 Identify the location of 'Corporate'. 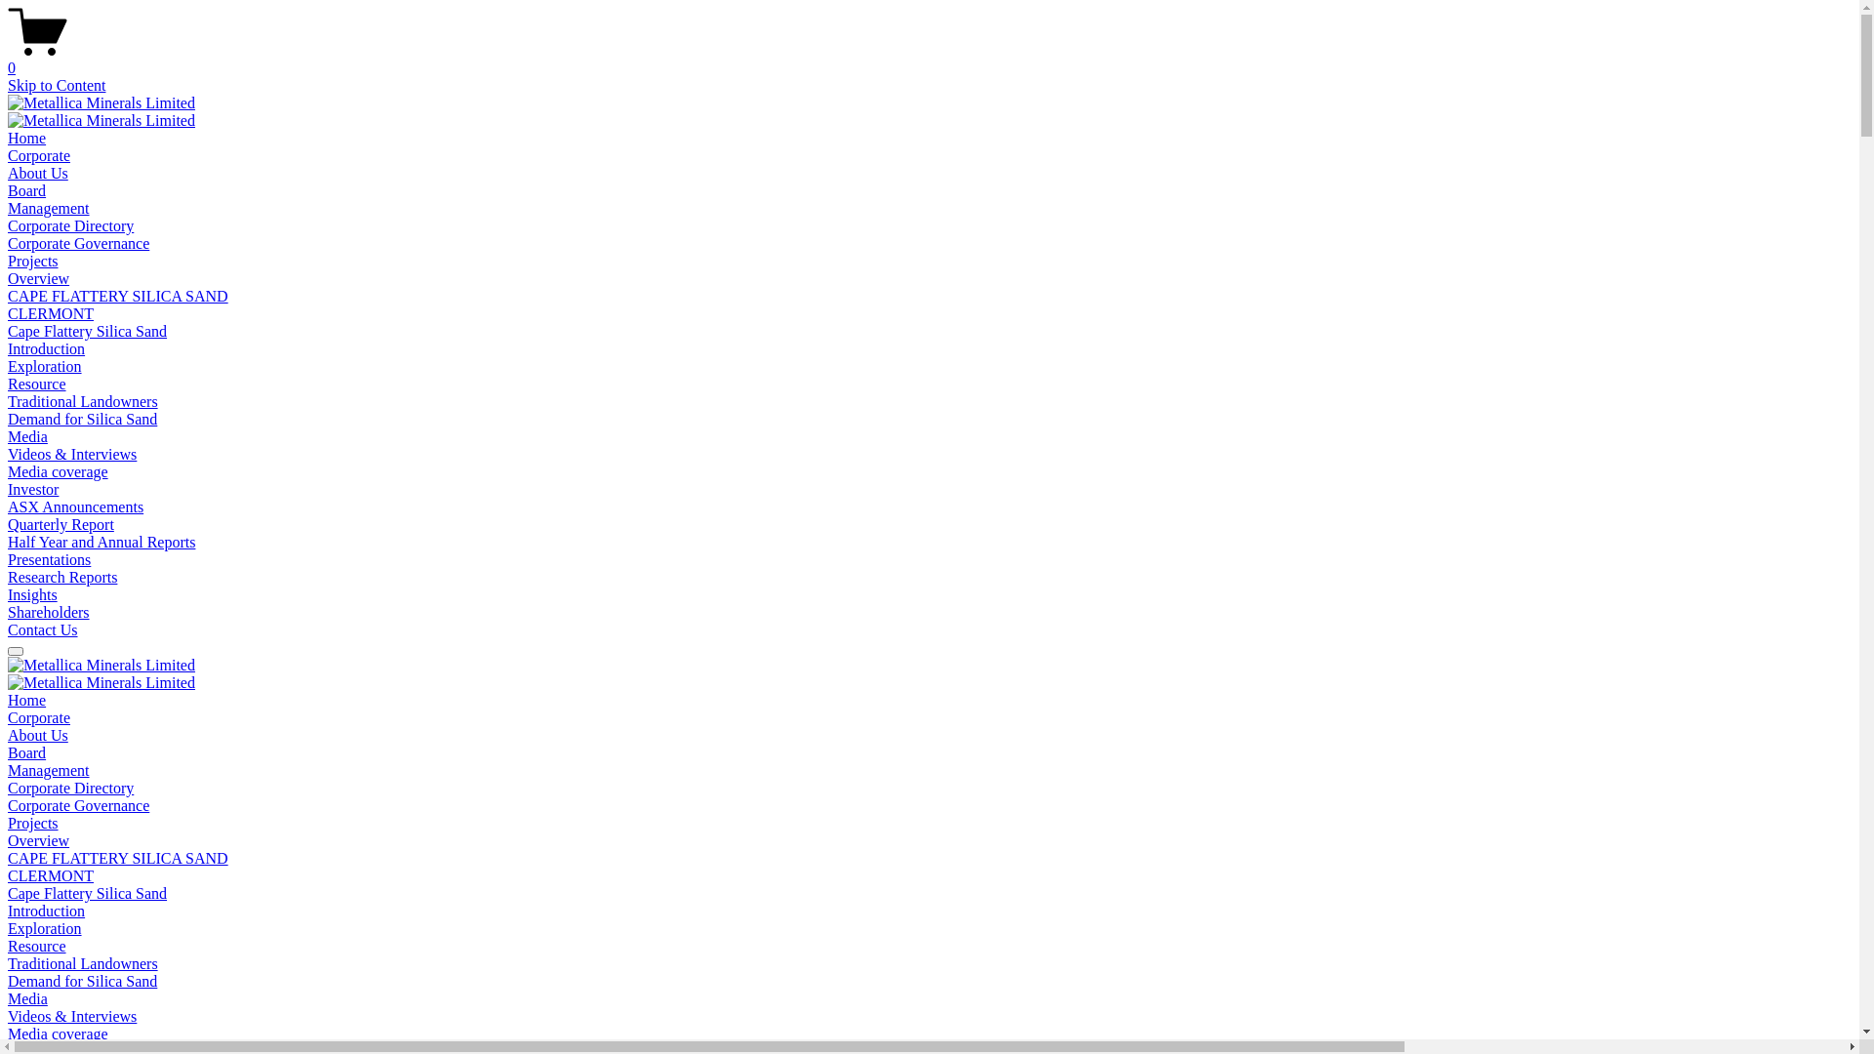
(38, 154).